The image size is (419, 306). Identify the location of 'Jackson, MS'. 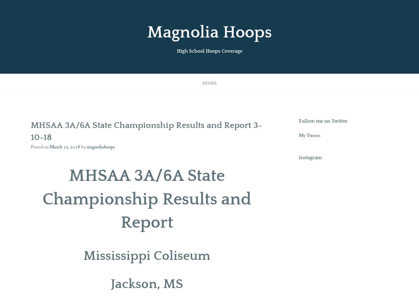
(146, 283).